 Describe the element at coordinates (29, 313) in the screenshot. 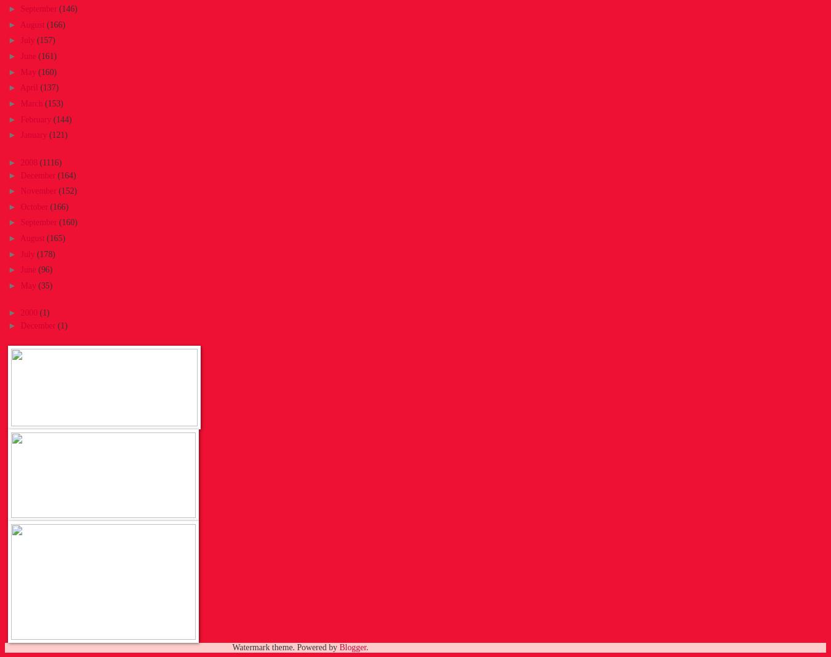

I see `'2000'` at that location.